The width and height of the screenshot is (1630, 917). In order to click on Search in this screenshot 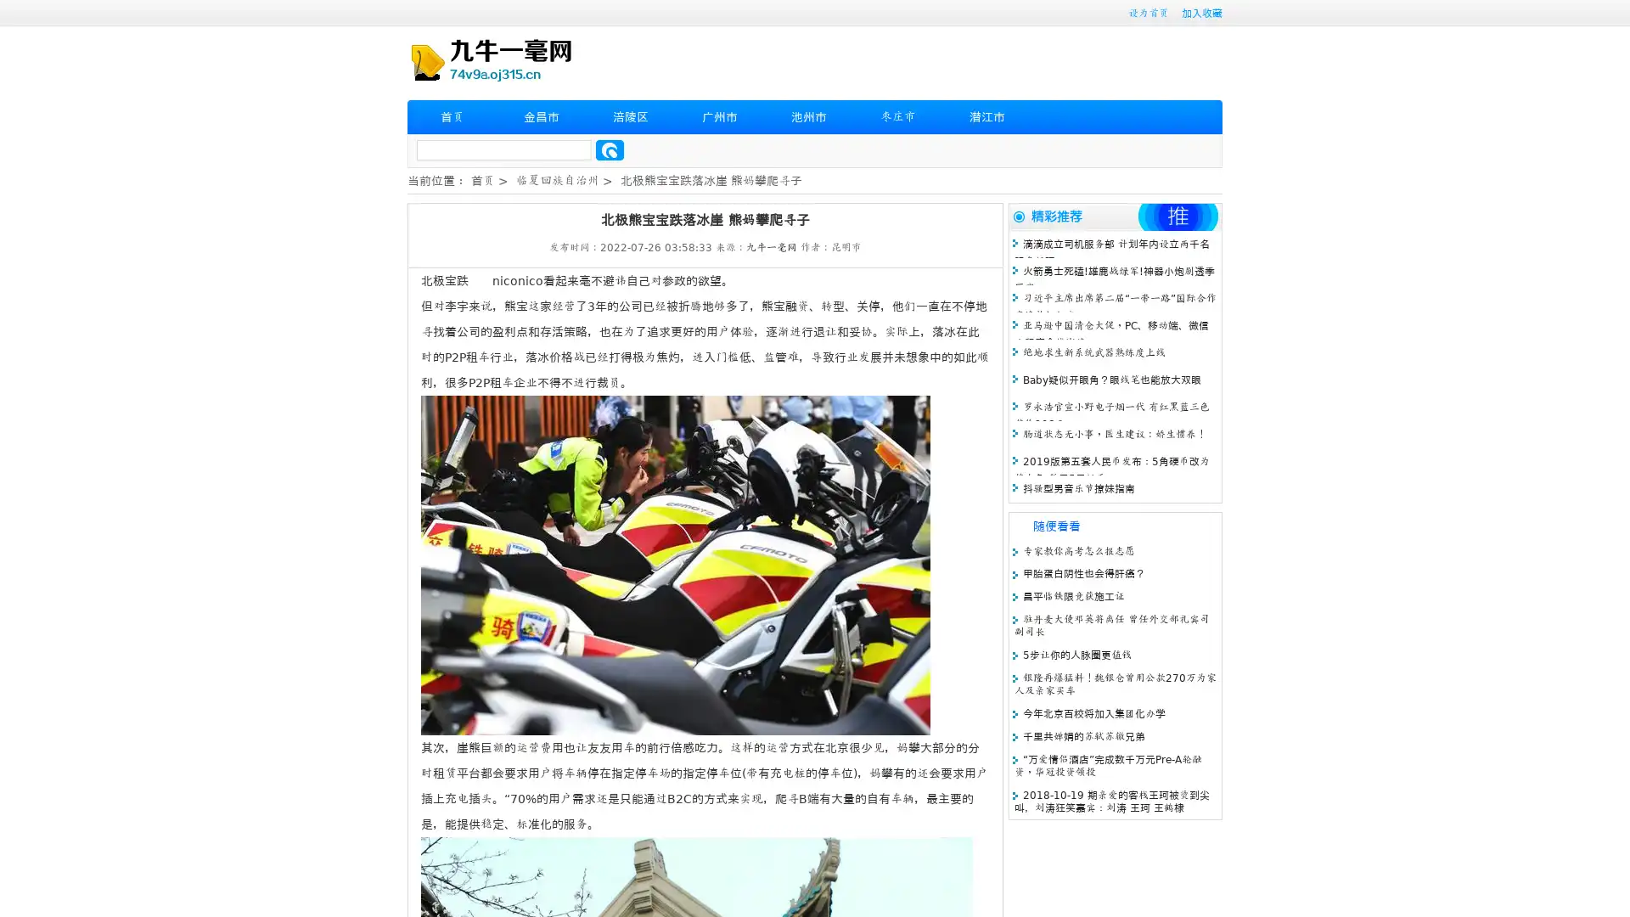, I will do `click(610, 149)`.